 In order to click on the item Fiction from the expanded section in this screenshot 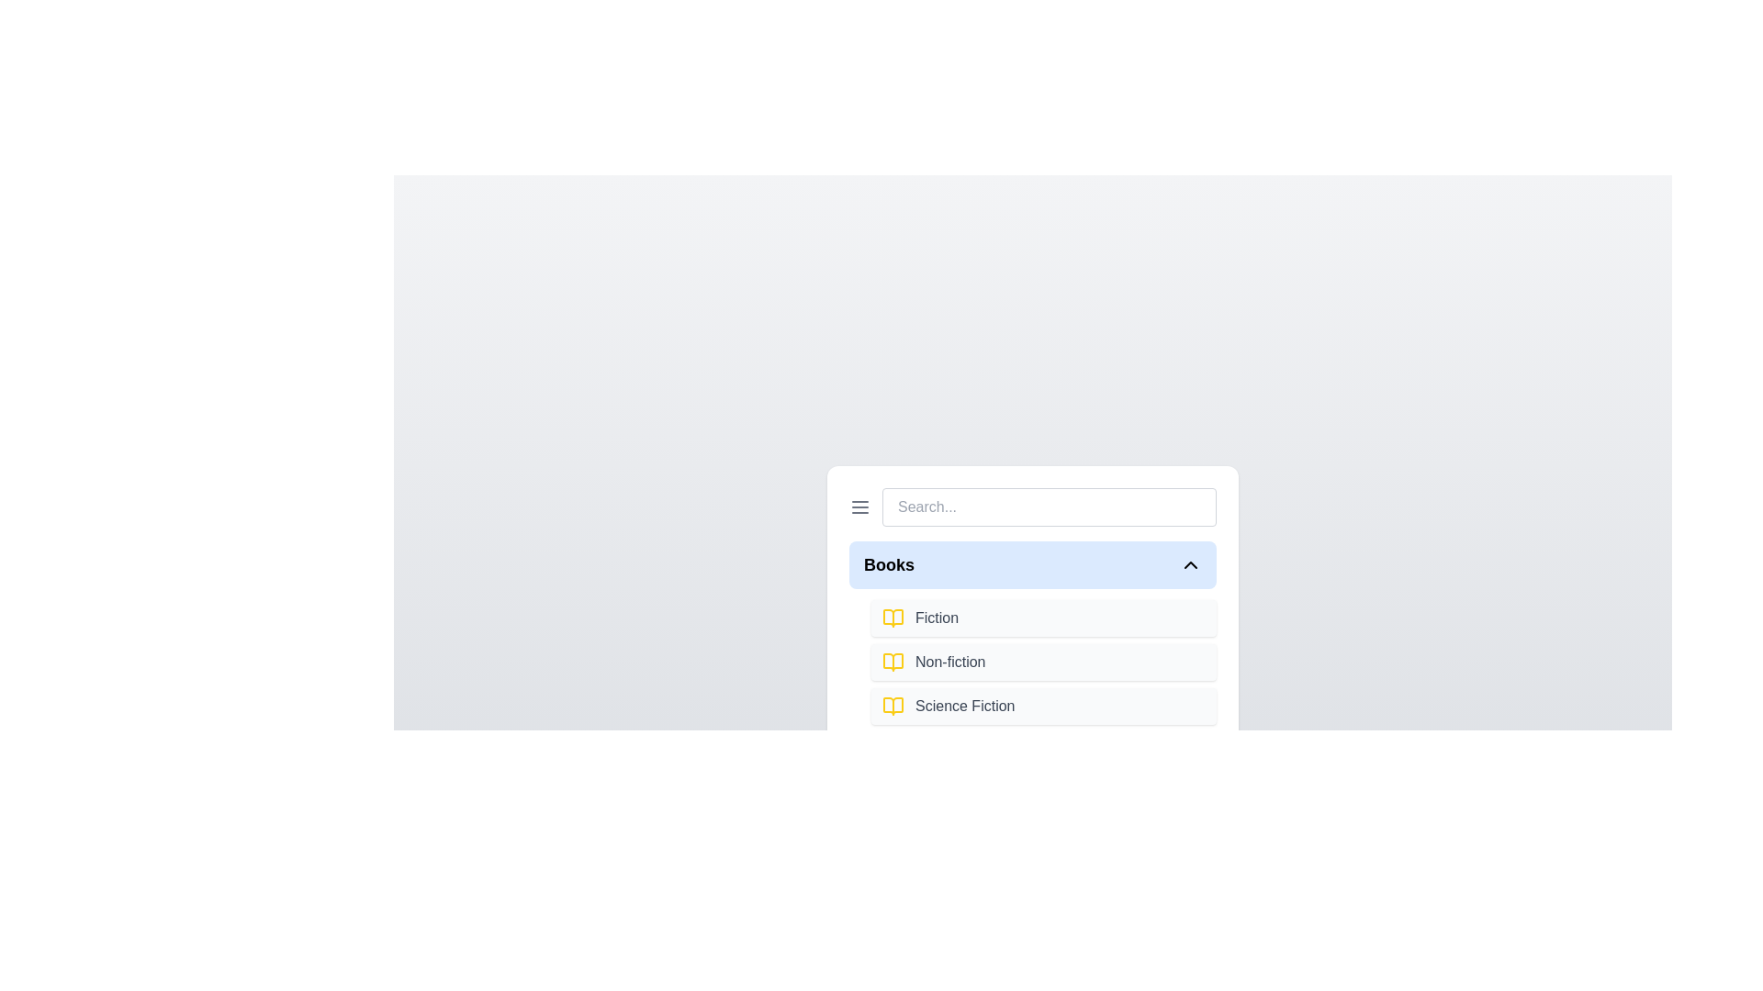, I will do `click(1044, 618)`.